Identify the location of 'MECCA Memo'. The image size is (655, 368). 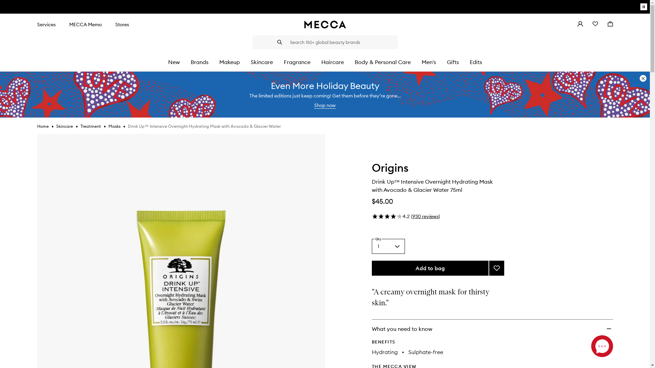
(85, 24).